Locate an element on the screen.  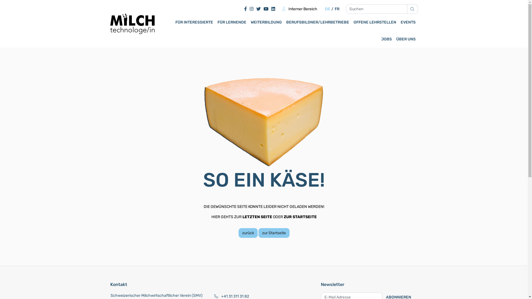
'DE' is located at coordinates (327, 9).